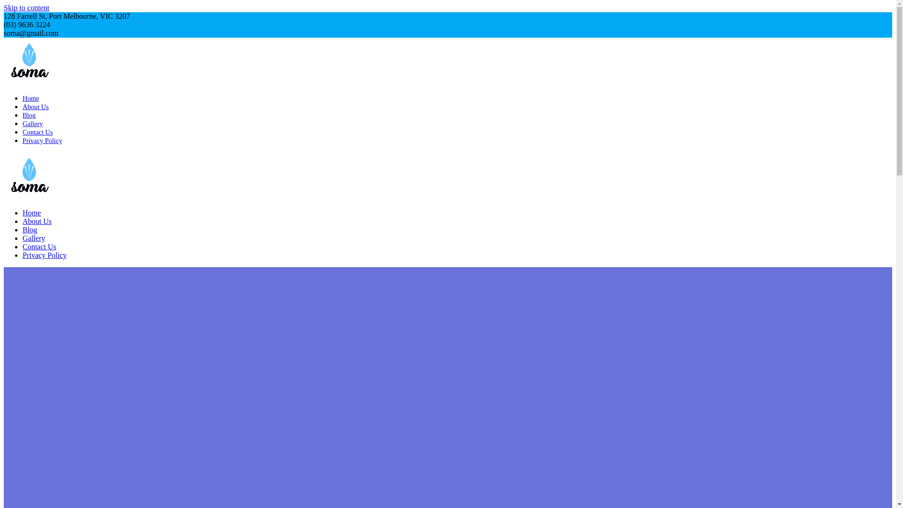  What do you see at coordinates (44, 255) in the screenshot?
I see `'Privacy Policy'` at bounding box center [44, 255].